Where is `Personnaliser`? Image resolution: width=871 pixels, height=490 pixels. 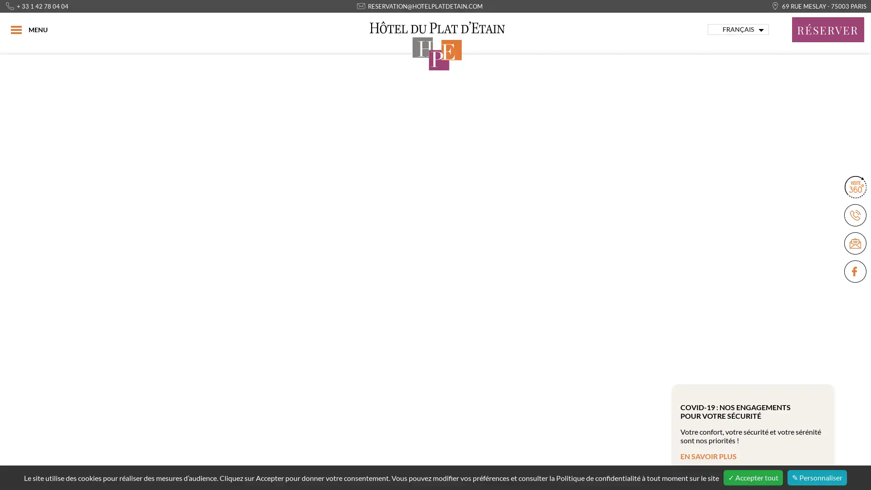
Personnaliser is located at coordinates (817, 477).